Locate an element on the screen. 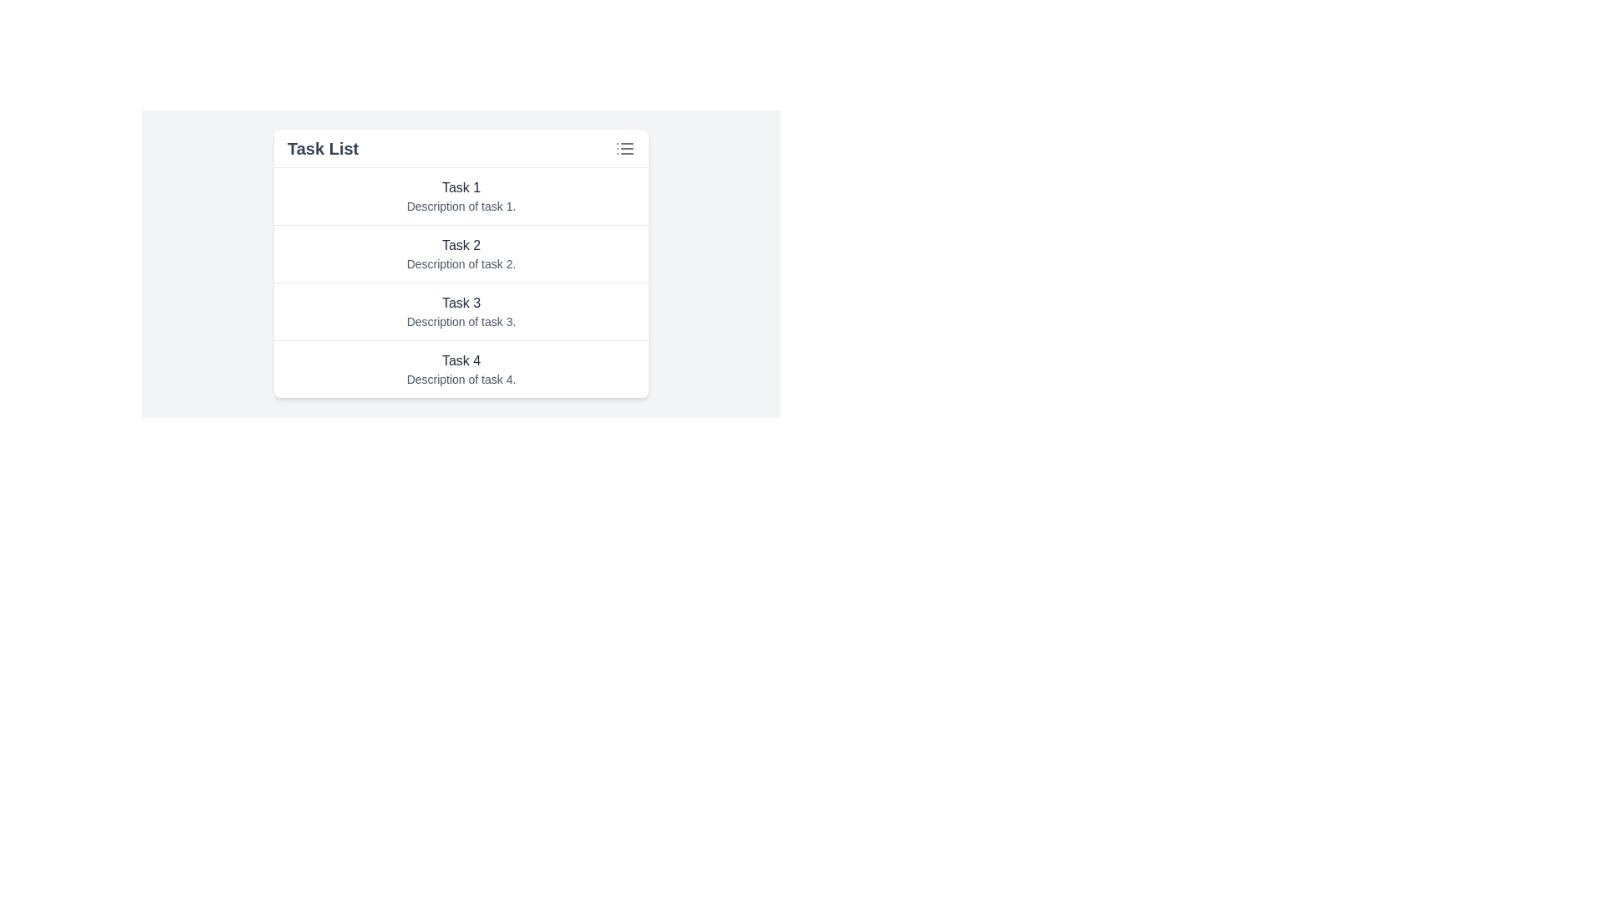  the list item displaying information about 'Task 3', which is the third item in the vertical list below the header 'Task List' is located at coordinates (461, 312).